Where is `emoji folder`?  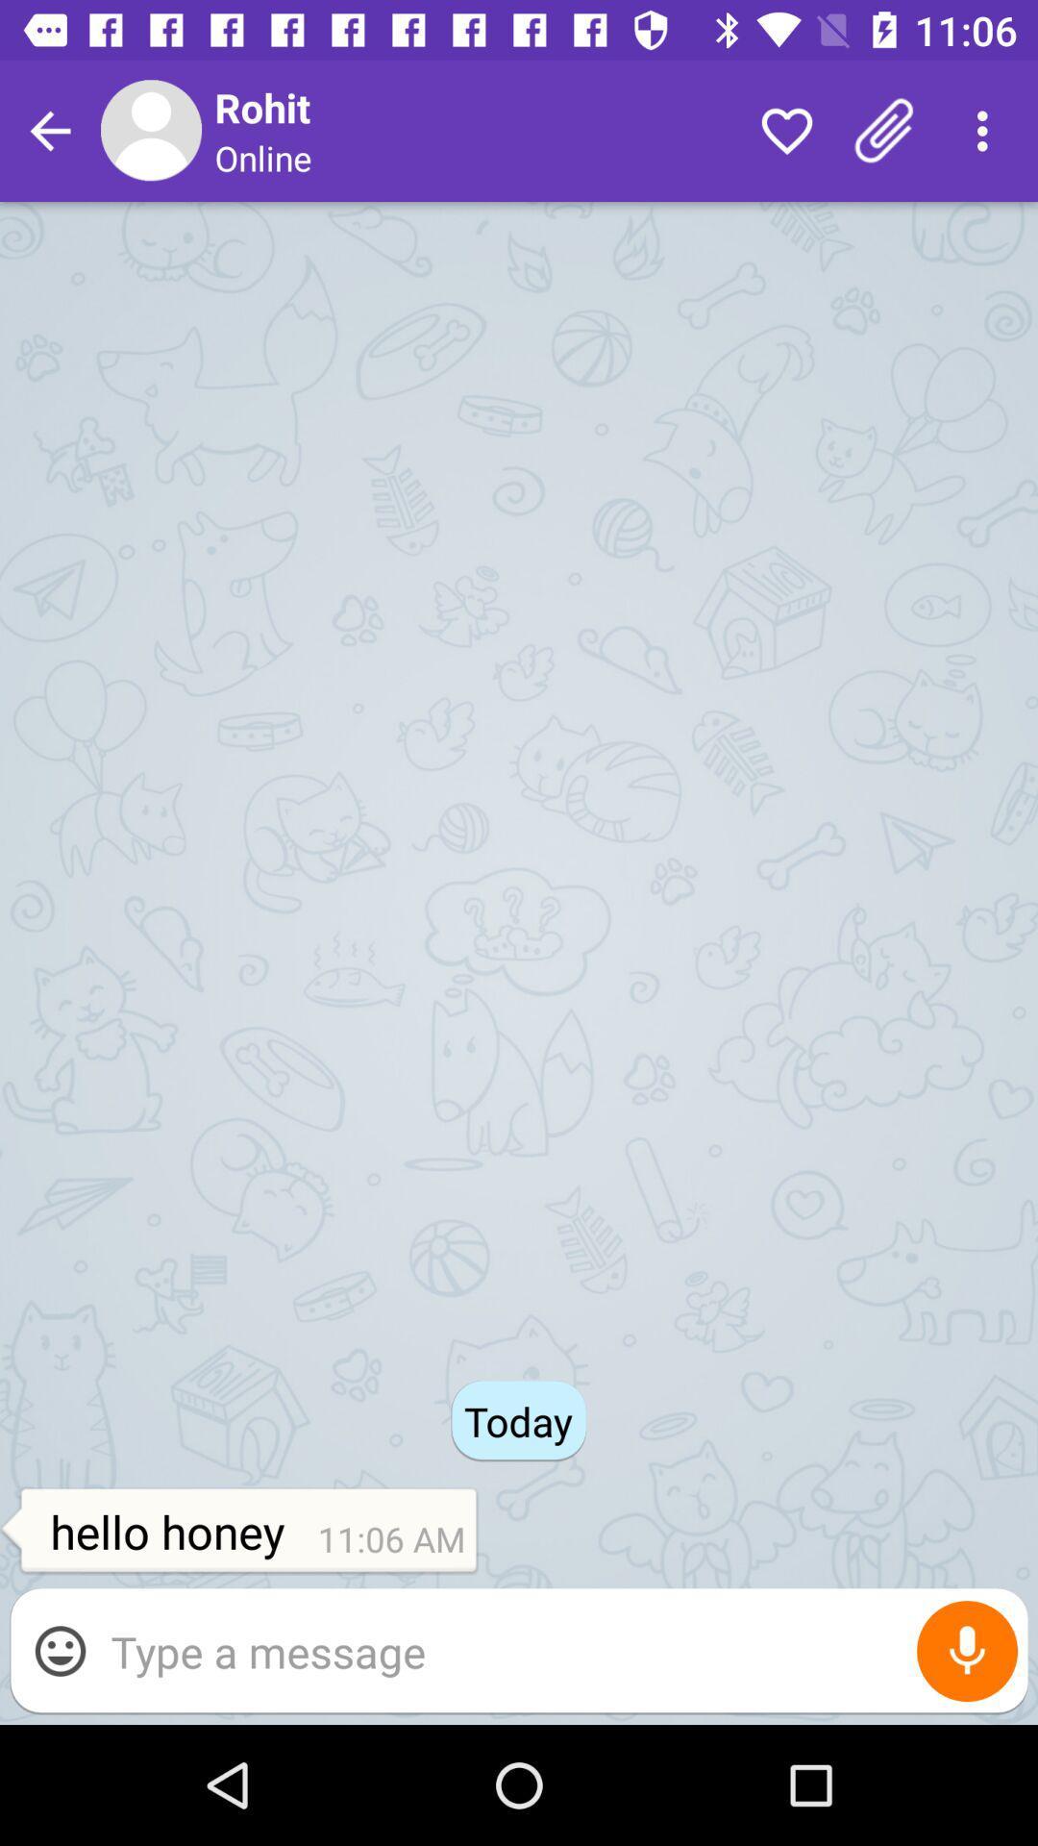
emoji folder is located at coordinates (59, 1650).